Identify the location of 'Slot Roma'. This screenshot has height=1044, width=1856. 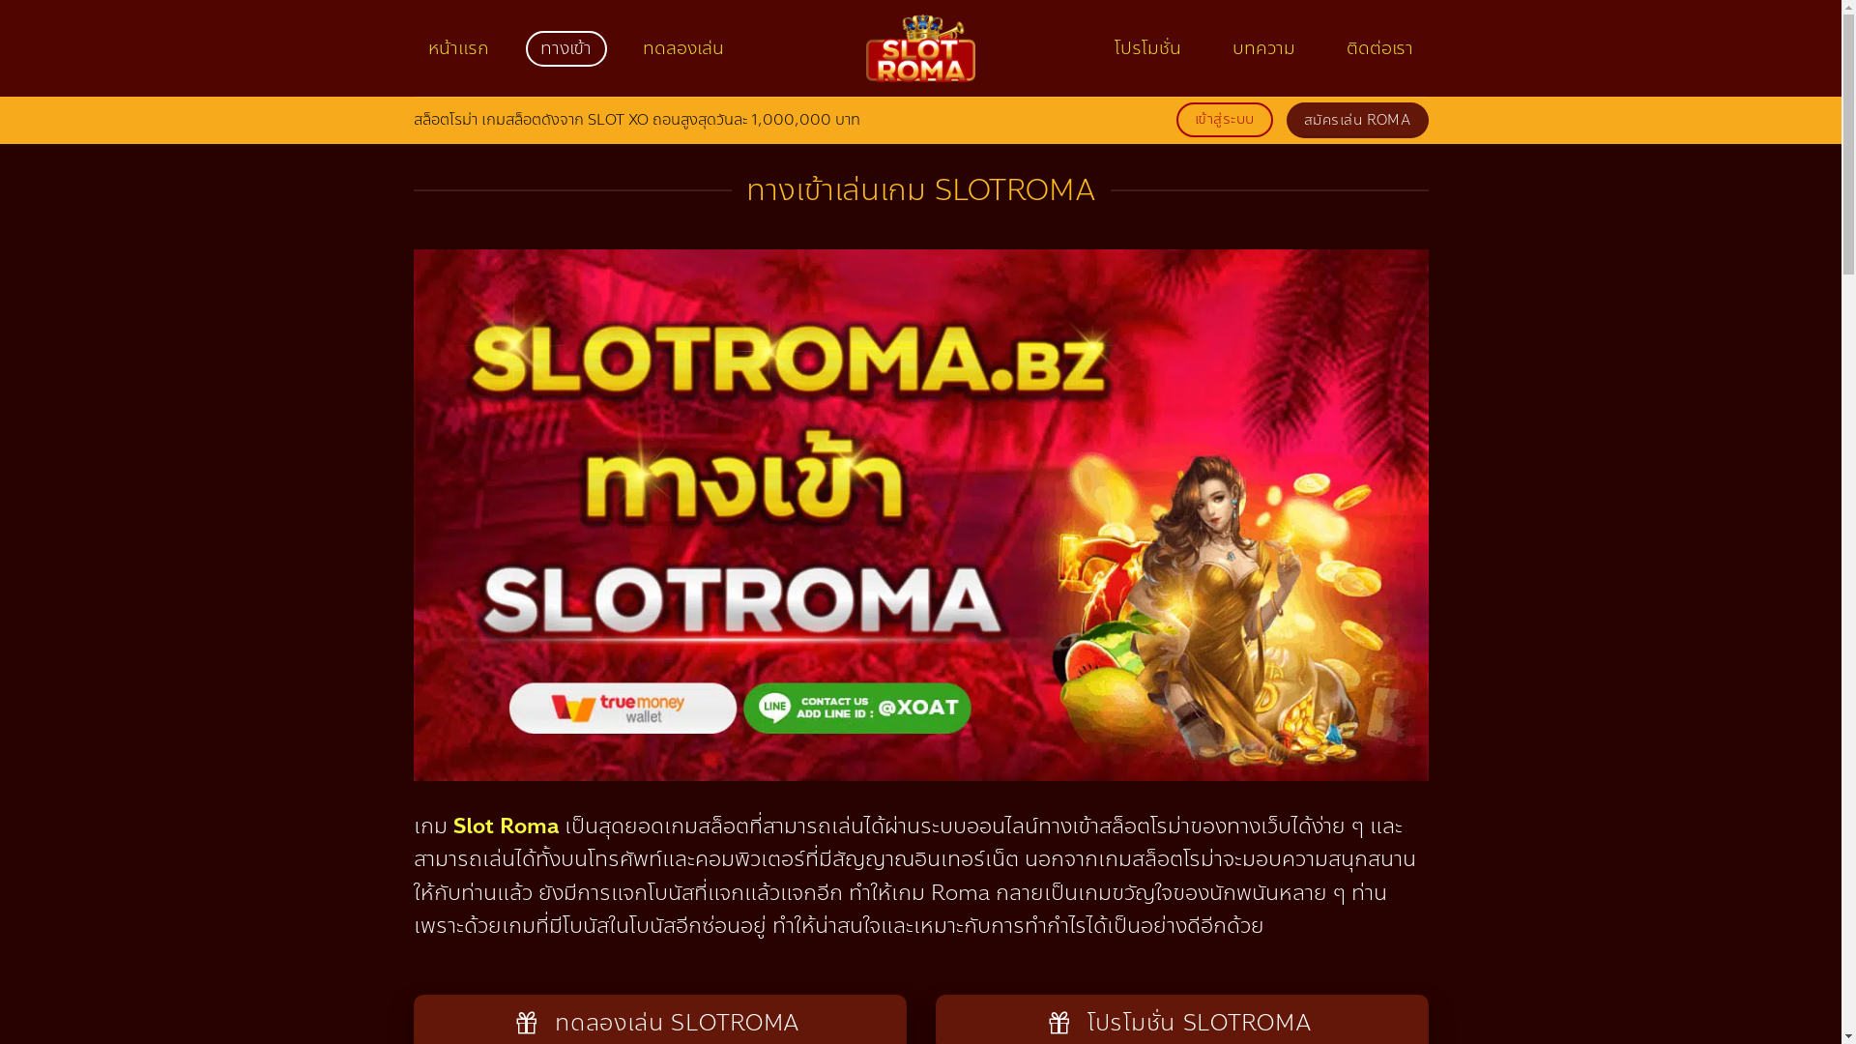
(505, 826).